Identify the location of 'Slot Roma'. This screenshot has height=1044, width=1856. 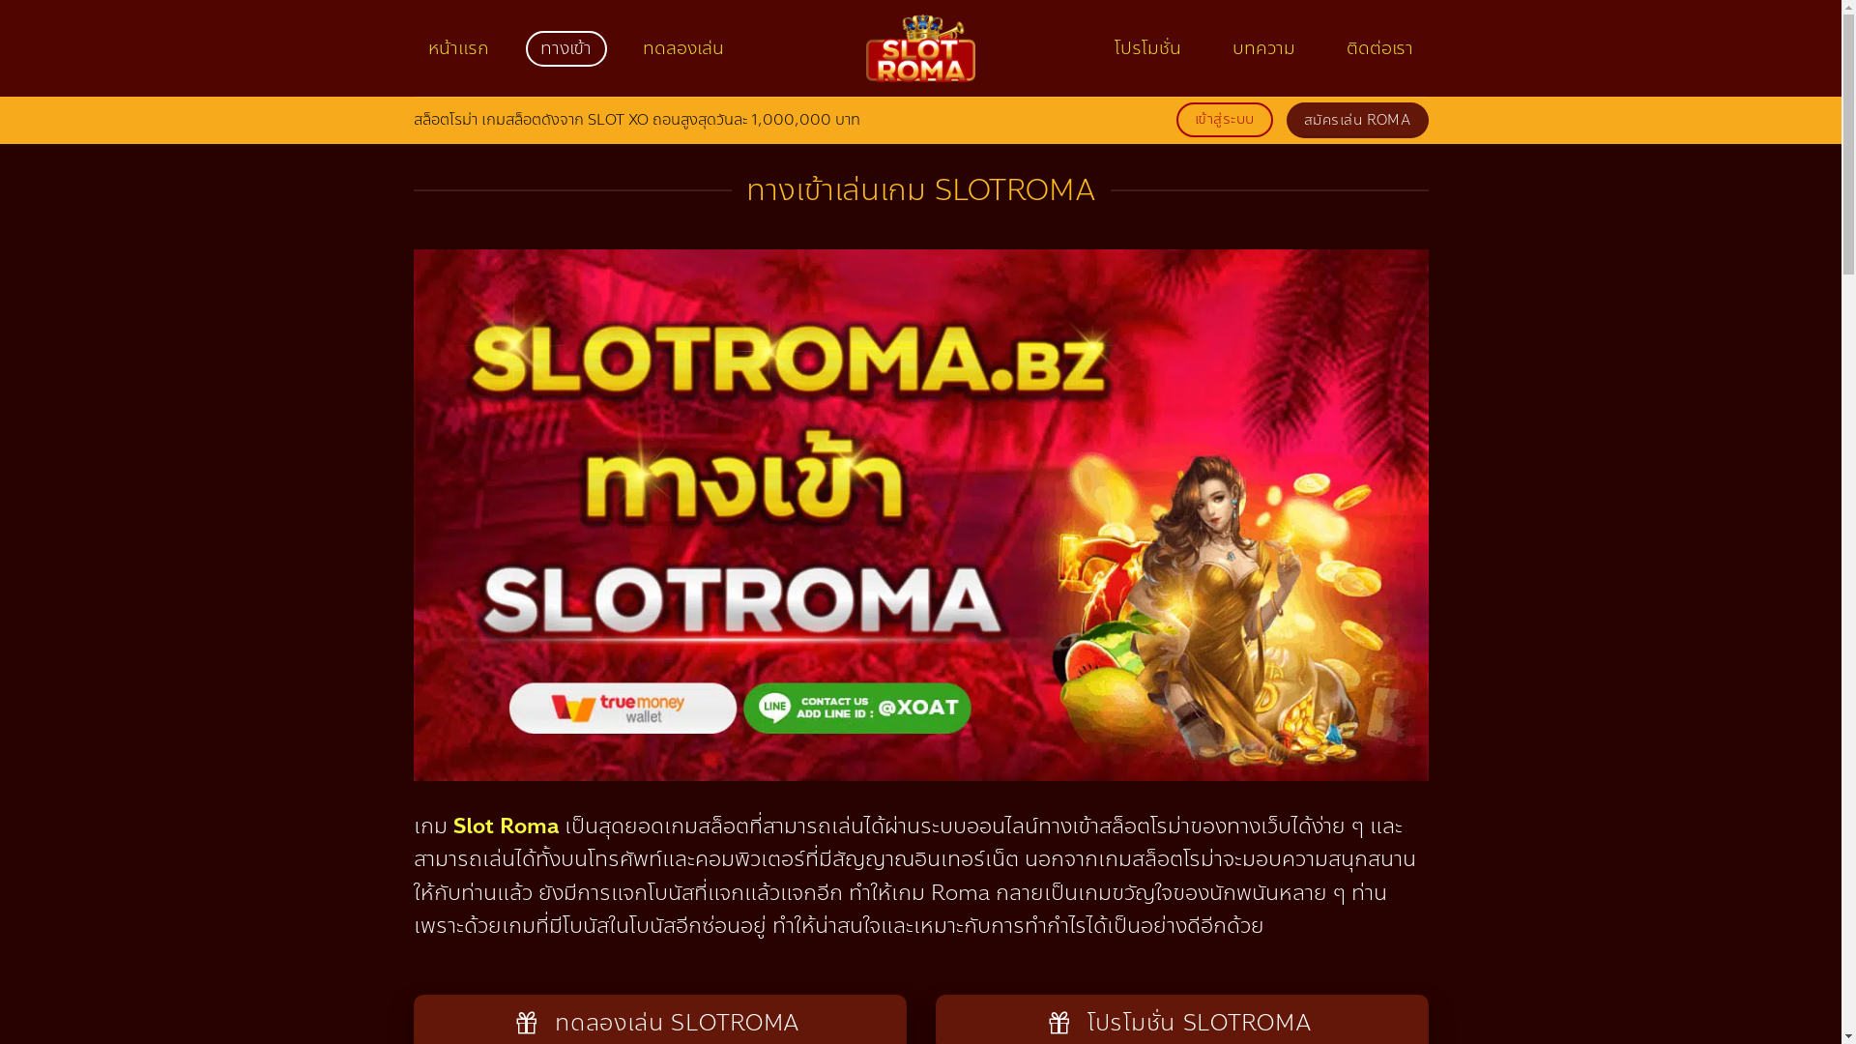
(505, 826).